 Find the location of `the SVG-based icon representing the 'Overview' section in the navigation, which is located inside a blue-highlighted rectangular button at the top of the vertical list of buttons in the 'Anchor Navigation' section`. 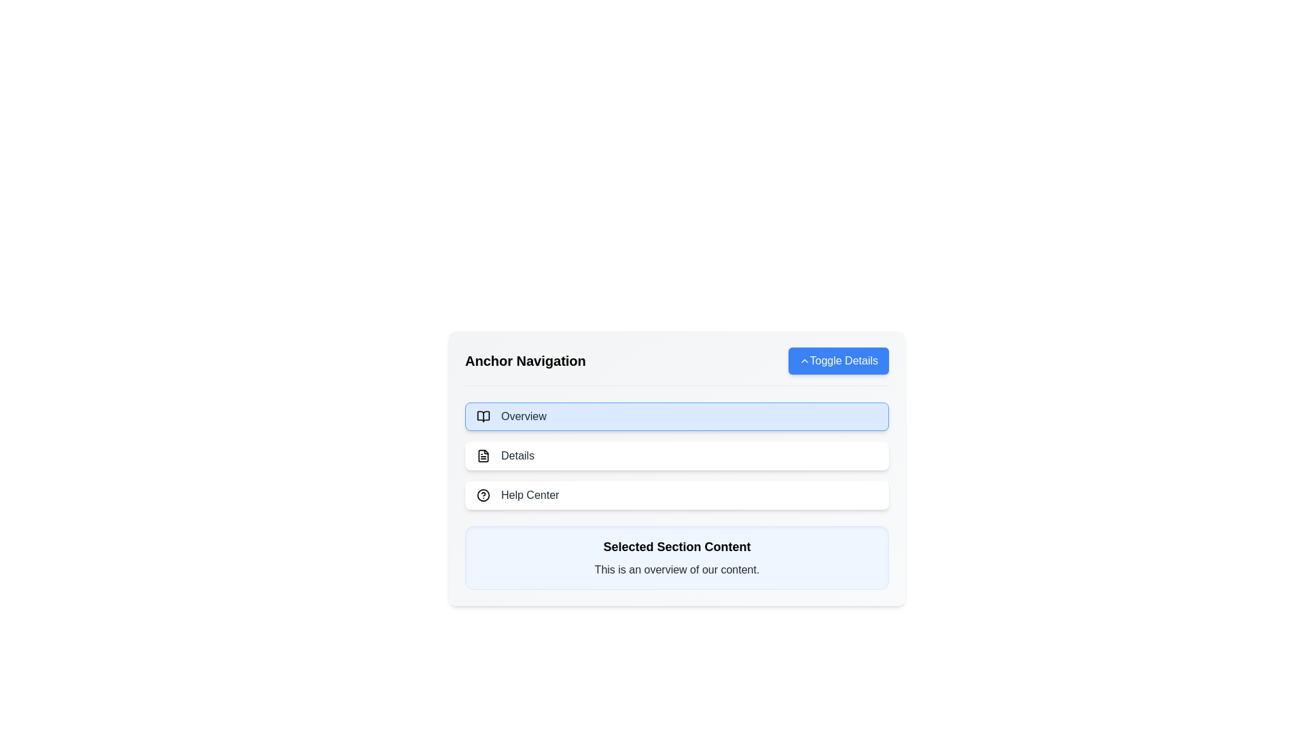

the SVG-based icon representing the 'Overview' section in the navigation, which is located inside a blue-highlighted rectangular button at the top of the vertical list of buttons in the 'Anchor Navigation' section is located at coordinates (483, 415).